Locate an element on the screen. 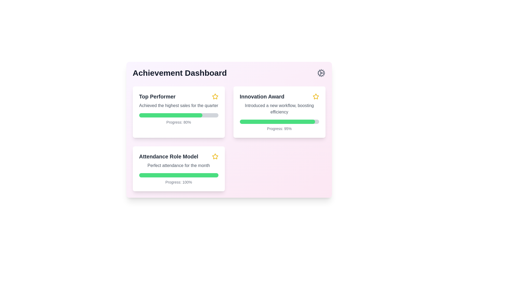 This screenshot has width=514, height=289. the gear-shaped icon with a gray outline located at the top-right corner of the interface, adjacent to the title 'Achievement Dashboard' is located at coordinates (321, 73).